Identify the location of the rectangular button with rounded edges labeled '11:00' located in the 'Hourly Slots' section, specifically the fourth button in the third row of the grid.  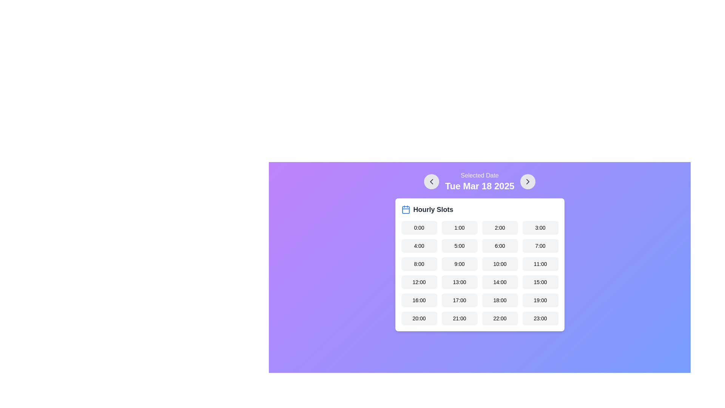
(540, 263).